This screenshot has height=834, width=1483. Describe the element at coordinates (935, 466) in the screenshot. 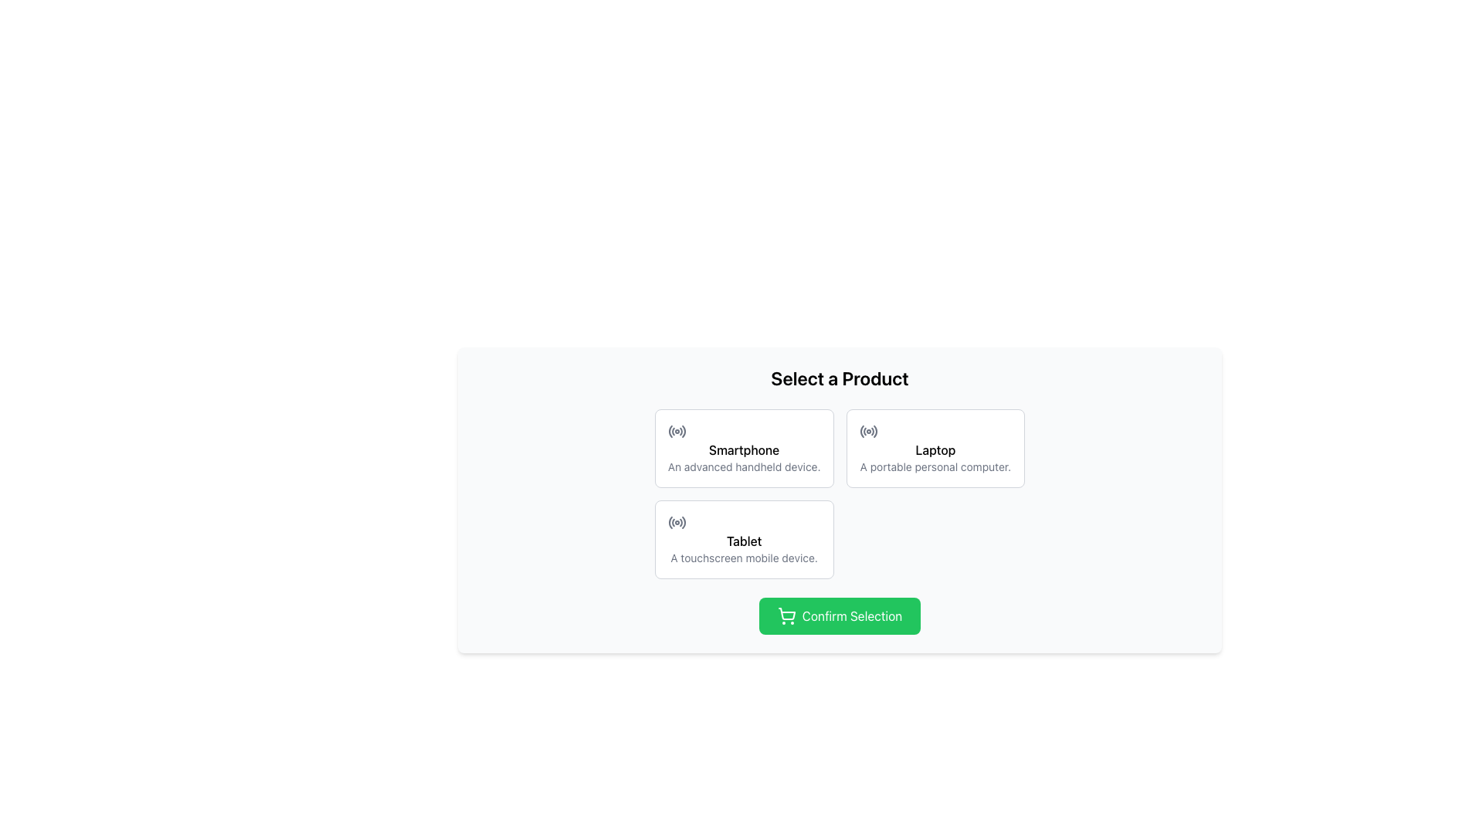

I see `the text element providing additional information about the 'Laptop' option, which describes it as 'A portable personal computer.'` at that location.